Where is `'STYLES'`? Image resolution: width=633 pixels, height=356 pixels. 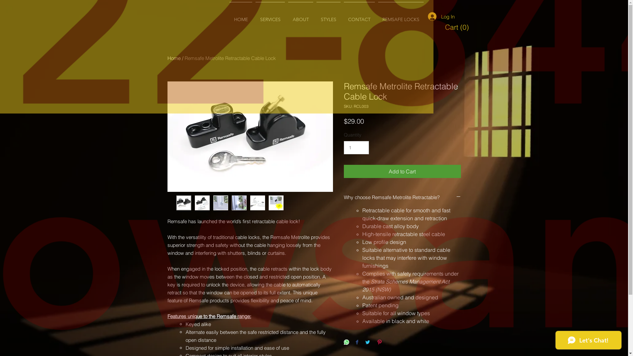
'STYLES' is located at coordinates (328, 16).